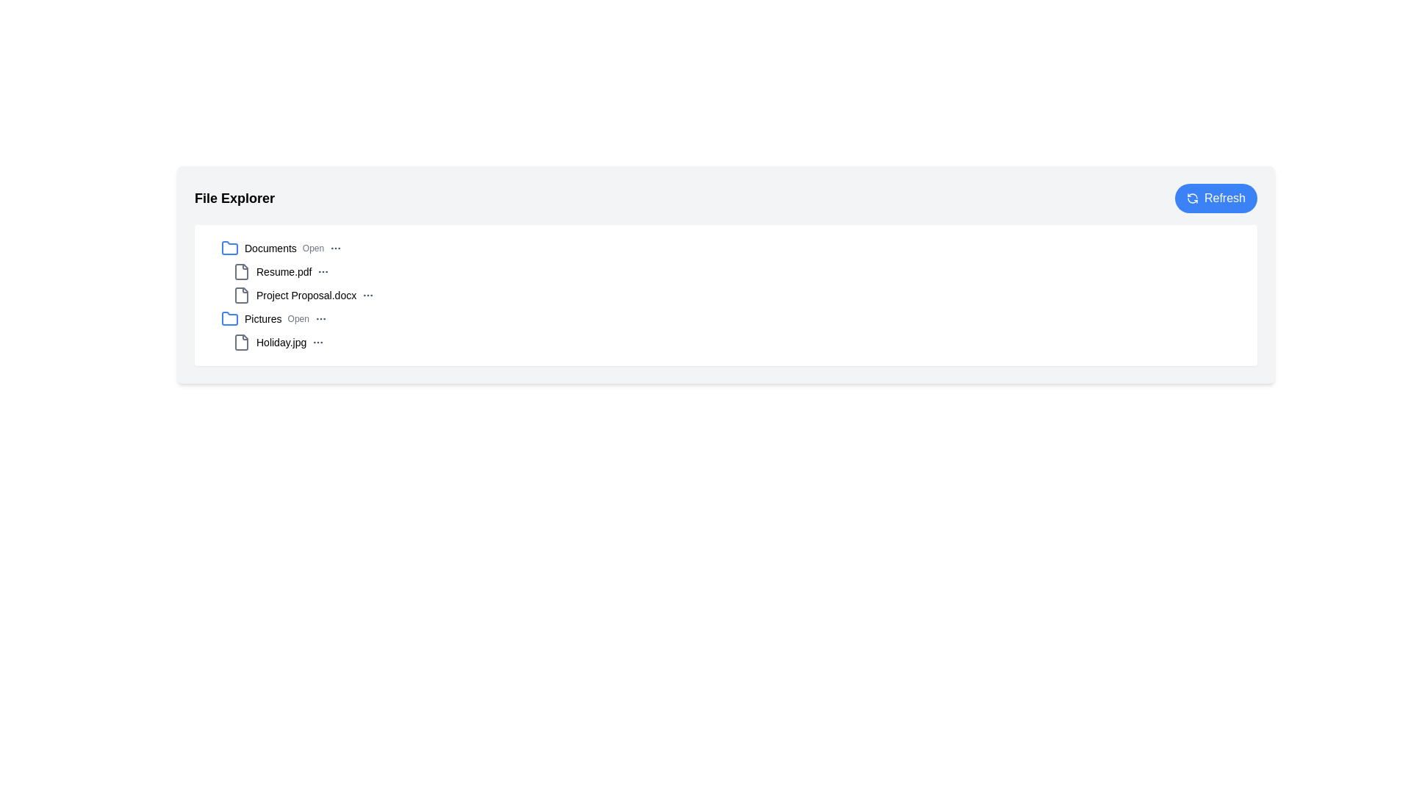 The height and width of the screenshot is (794, 1411). I want to click on the 'Documents' directory icon, which is the first graphical icon representing the media folder functionality, so click(229, 248).